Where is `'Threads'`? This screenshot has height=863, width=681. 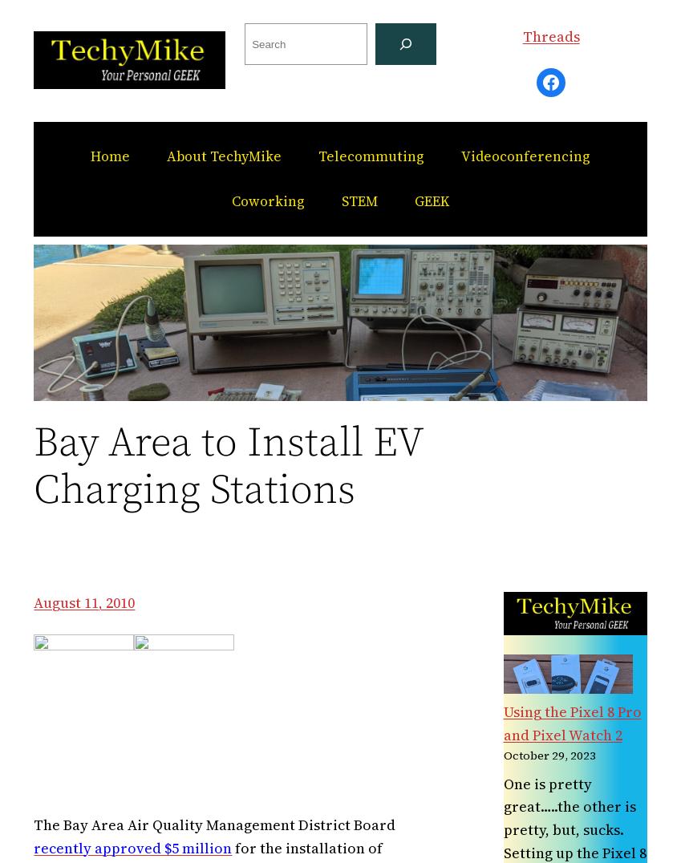 'Threads' is located at coordinates (549, 35).